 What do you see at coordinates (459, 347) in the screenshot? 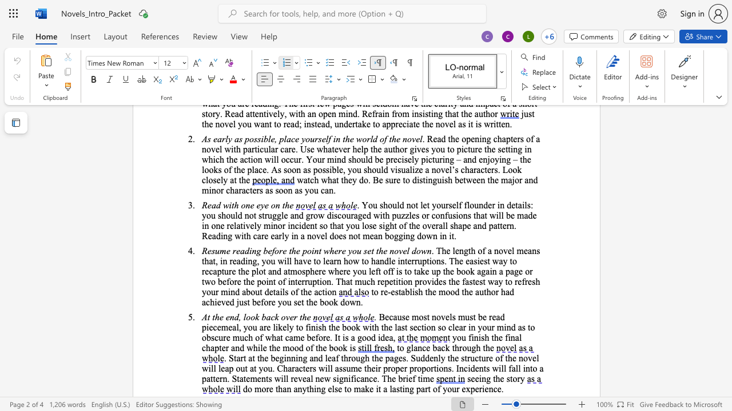
I see `the space between the continuous character "h" and "r" in the text` at bounding box center [459, 347].